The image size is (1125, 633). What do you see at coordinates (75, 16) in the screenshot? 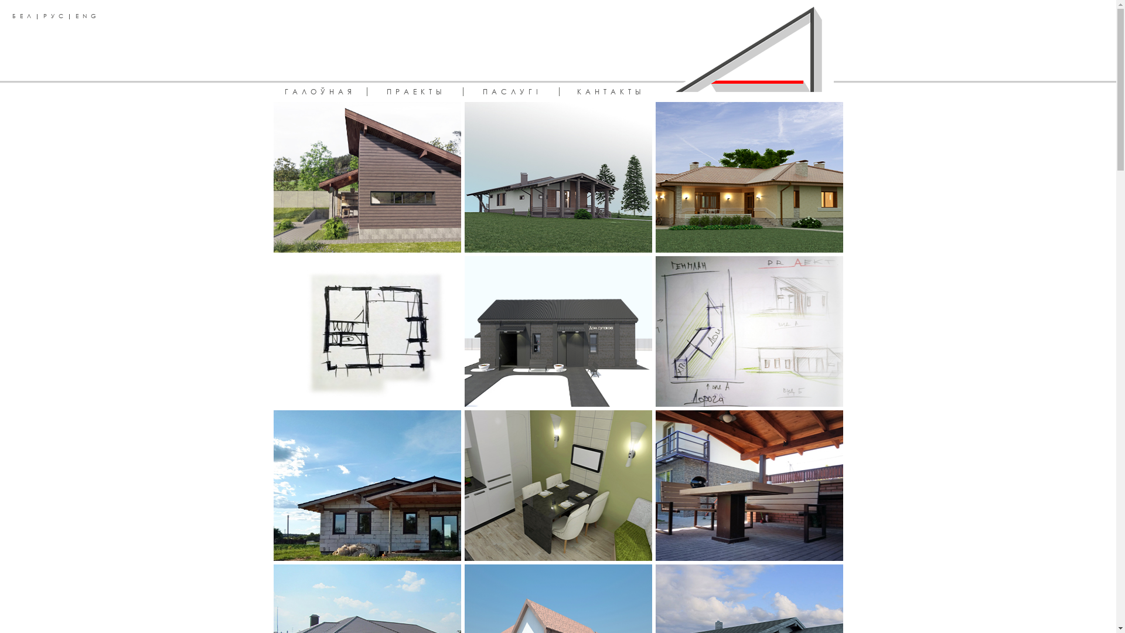
I see `'ENG'` at bounding box center [75, 16].